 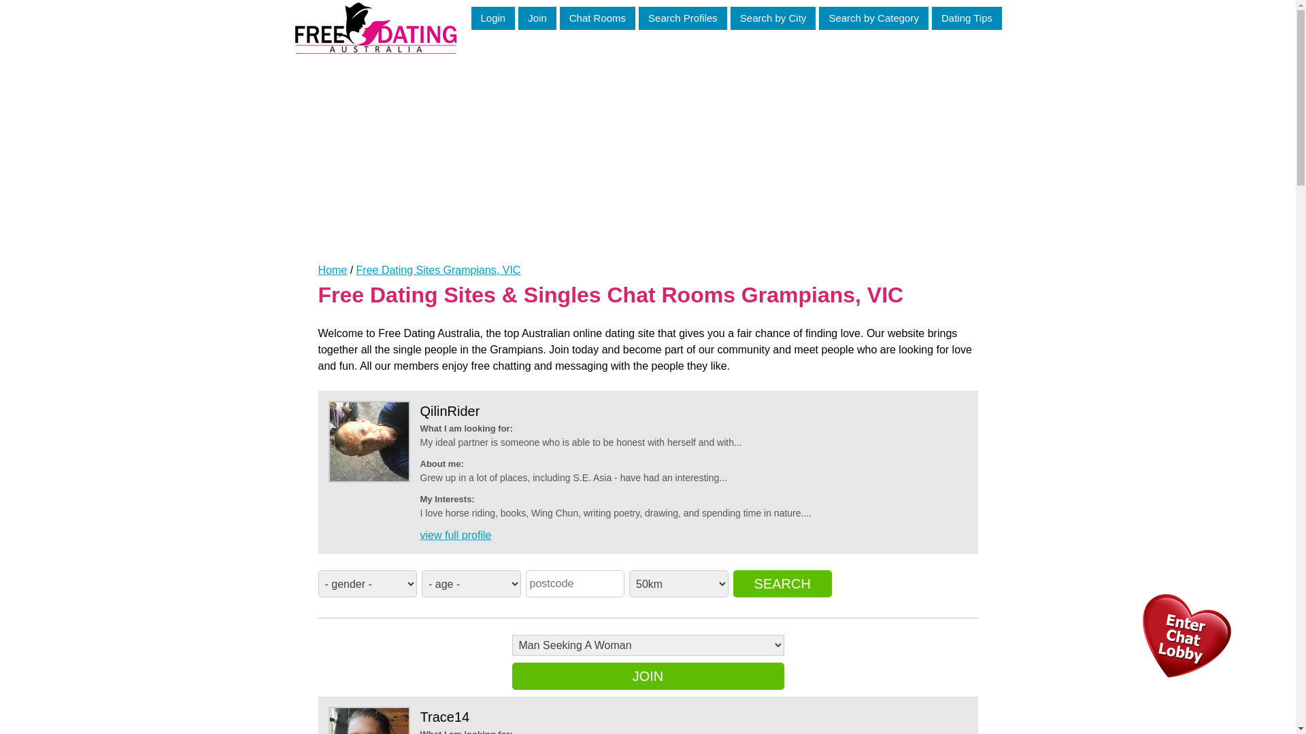 What do you see at coordinates (518, 18) in the screenshot?
I see `'Join'` at bounding box center [518, 18].